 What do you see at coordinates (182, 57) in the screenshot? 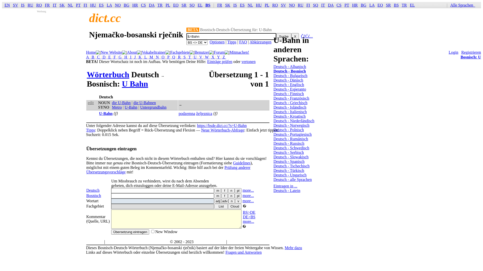
I see `'S'` at bounding box center [182, 57].